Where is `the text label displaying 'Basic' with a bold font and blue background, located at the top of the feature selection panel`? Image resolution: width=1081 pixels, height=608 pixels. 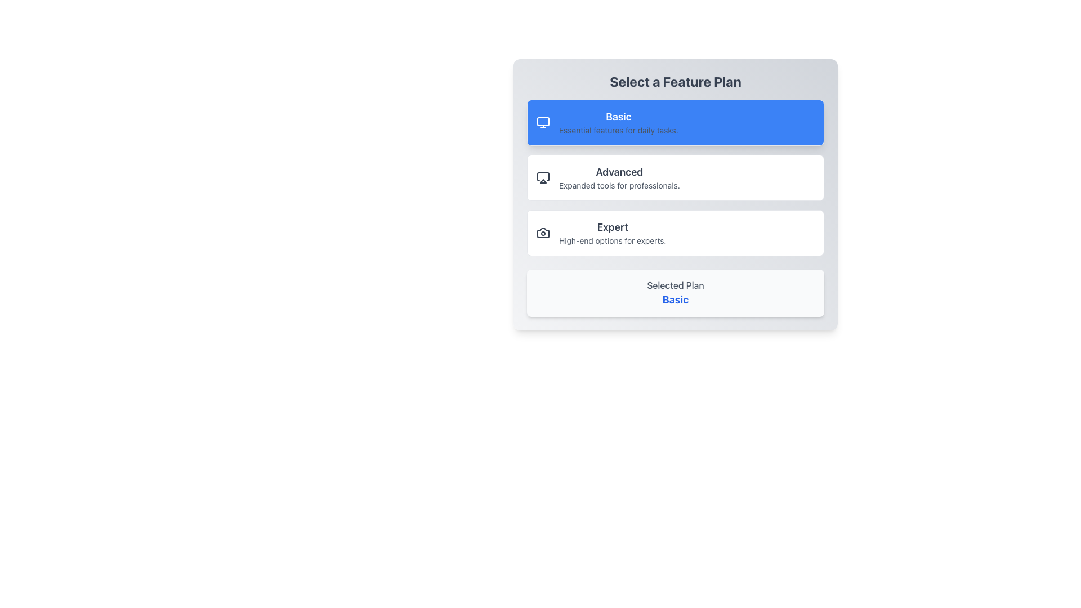
the text label displaying 'Basic' with a bold font and blue background, located at the top of the feature selection panel is located at coordinates (618, 117).